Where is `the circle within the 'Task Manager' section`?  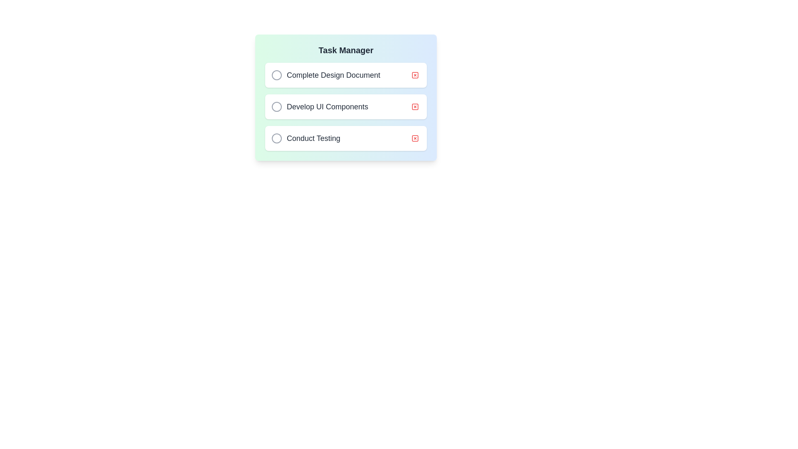 the circle within the 'Task Manager' section is located at coordinates (346, 109).